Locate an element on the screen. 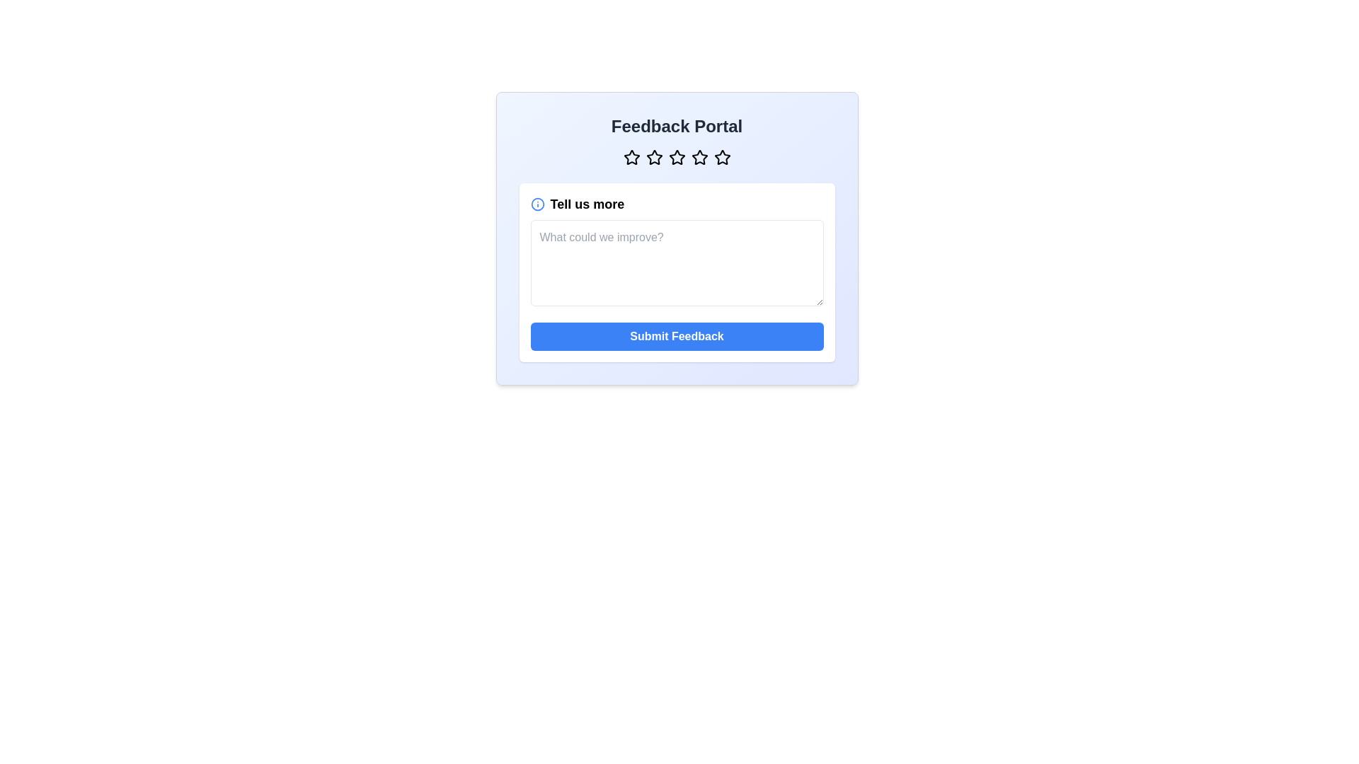 This screenshot has width=1359, height=764. the interactive rating star icon, which is the third star in a horizontal line of five stars is located at coordinates (676, 158).